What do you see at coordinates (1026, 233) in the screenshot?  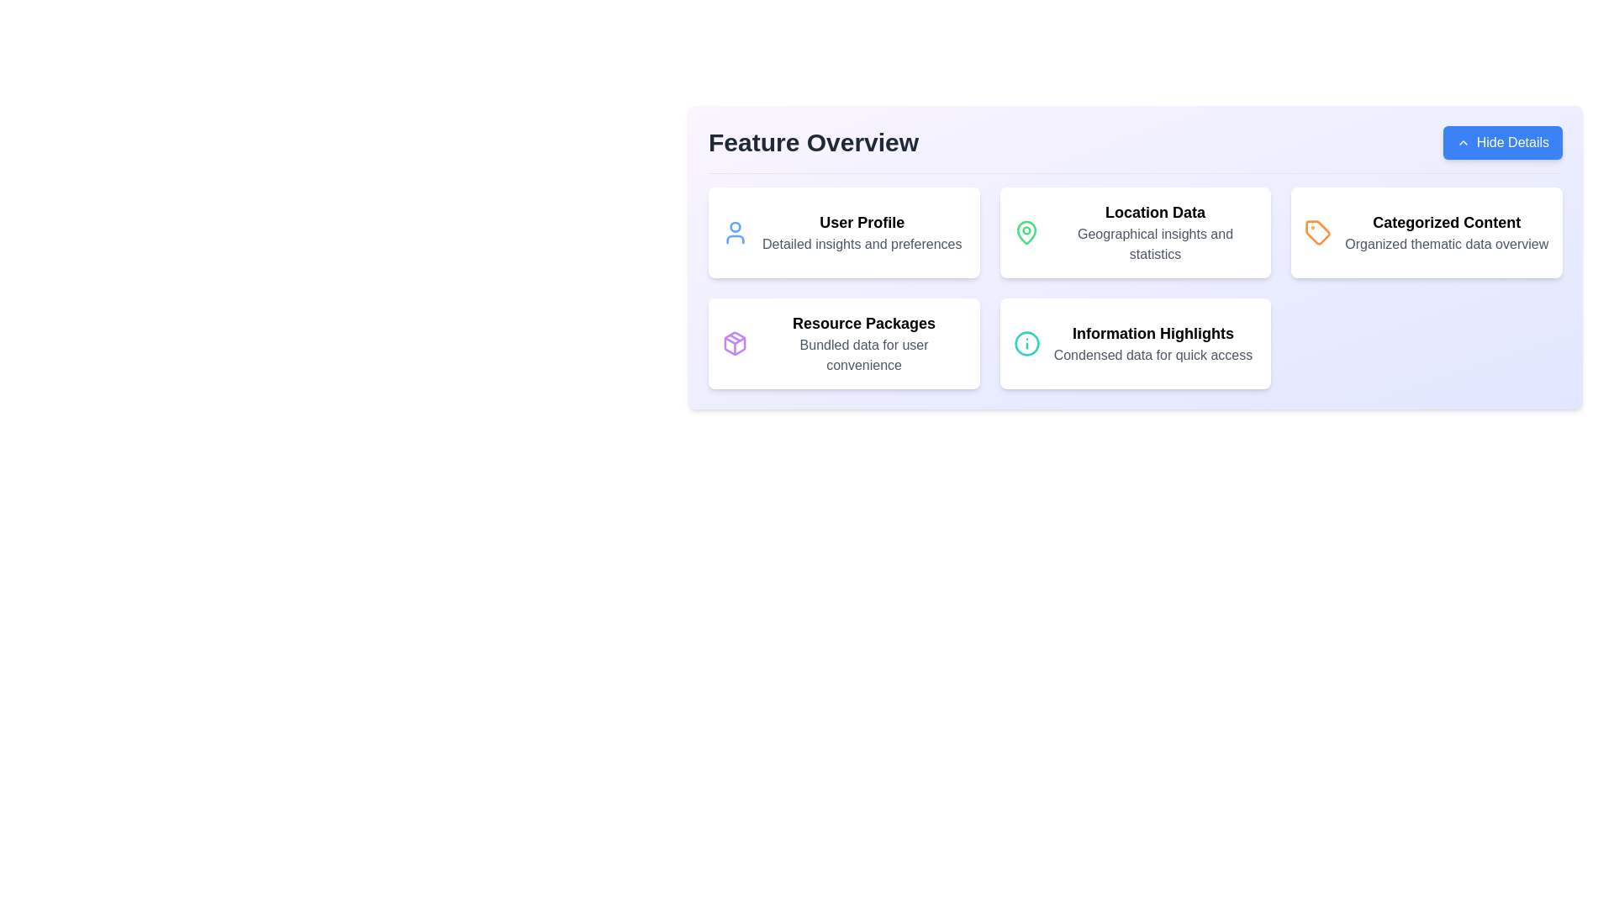 I see `the map pin icon with a green outline located on the left side of the 'Location Data' card in the feature grid` at bounding box center [1026, 233].